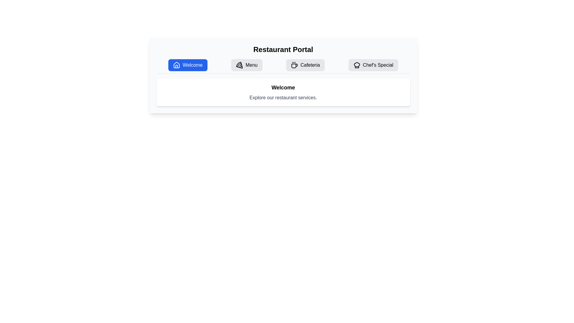 The image size is (574, 323). Describe the element at coordinates (193, 65) in the screenshot. I see `text of the navigation label that indicates its function to navigate to the Welcome section, which is the text content of the leftmost button in the top navigation bar, located to the right of a house icon` at that location.